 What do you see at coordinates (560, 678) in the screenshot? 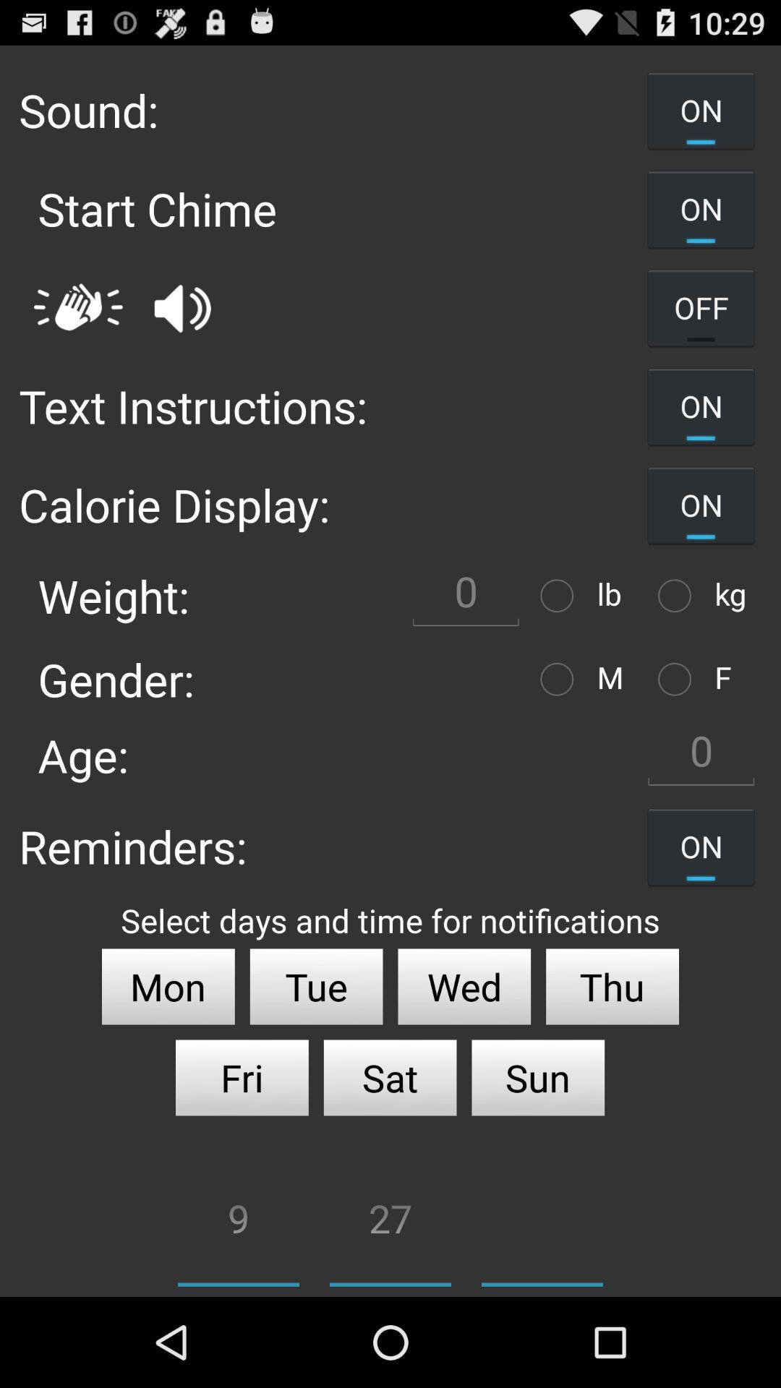
I see `male gender` at bounding box center [560, 678].